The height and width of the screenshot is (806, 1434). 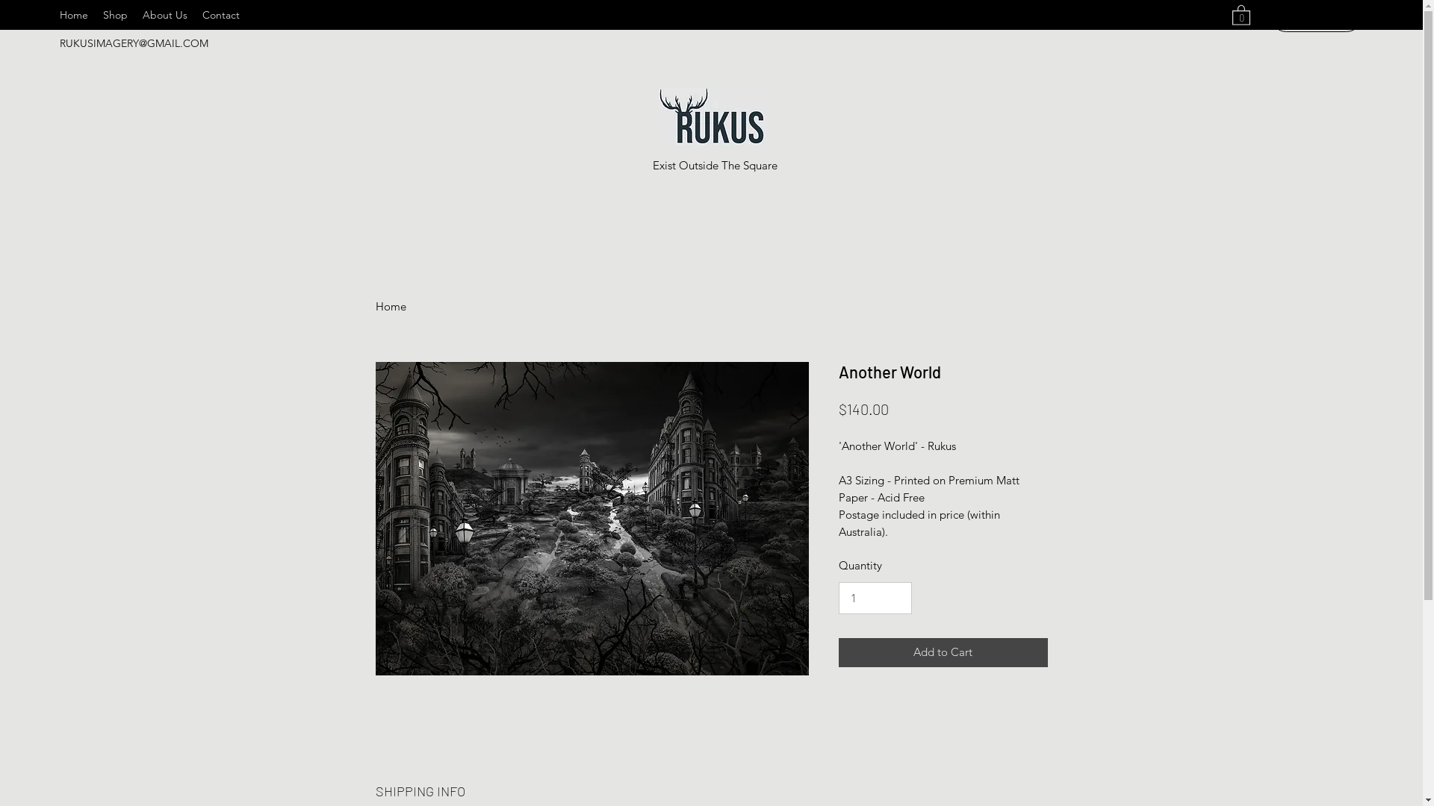 What do you see at coordinates (220, 14) in the screenshot?
I see `'Contact'` at bounding box center [220, 14].